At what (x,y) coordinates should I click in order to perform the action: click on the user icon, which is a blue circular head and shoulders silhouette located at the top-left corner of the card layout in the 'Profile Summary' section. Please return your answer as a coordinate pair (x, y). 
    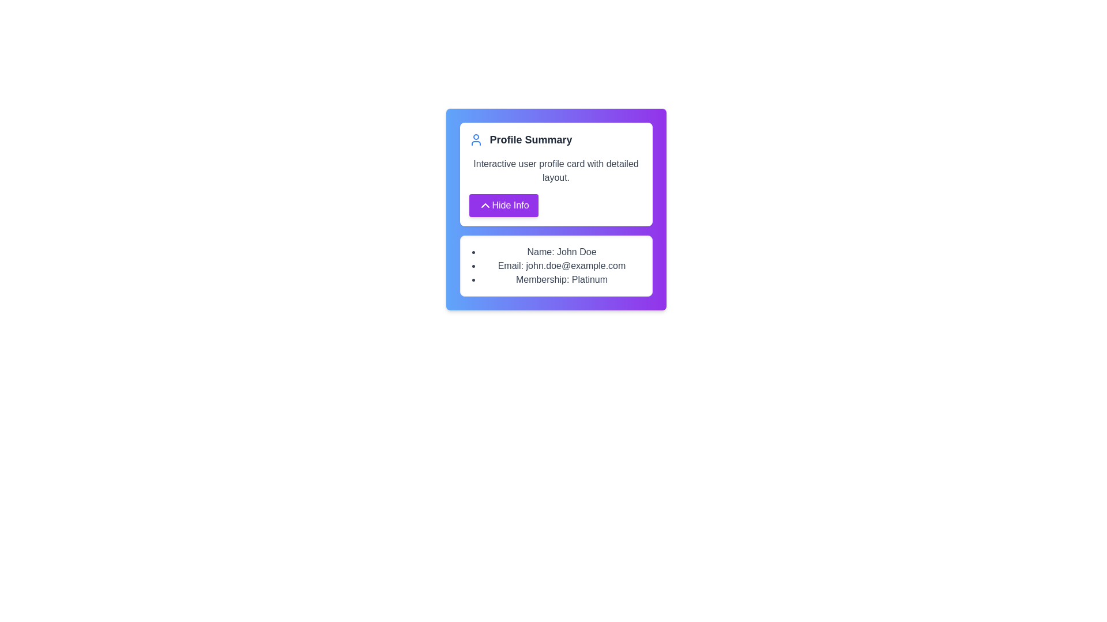
    Looking at the image, I should click on (476, 139).